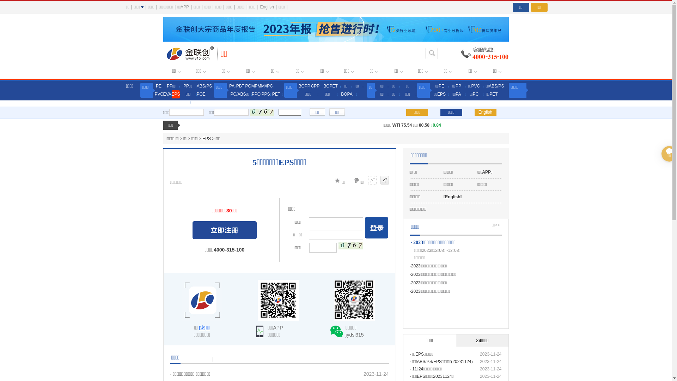 The width and height of the screenshot is (677, 381). Describe the element at coordinates (232, 86) in the screenshot. I see `'PA'` at that location.